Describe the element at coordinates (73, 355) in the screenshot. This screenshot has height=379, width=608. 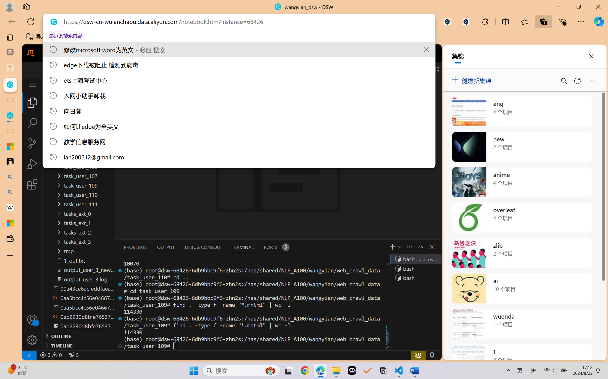
I see `'Forwarded Ports: 36301, 47065, 38781, 45817, 50331'` at that location.